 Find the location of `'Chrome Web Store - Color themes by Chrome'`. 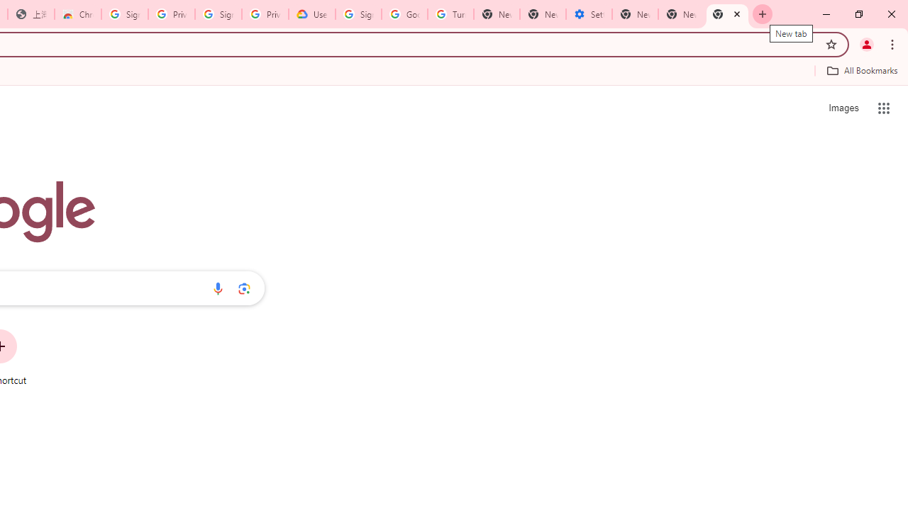

'Chrome Web Store - Color themes by Chrome' is located at coordinates (77, 14).